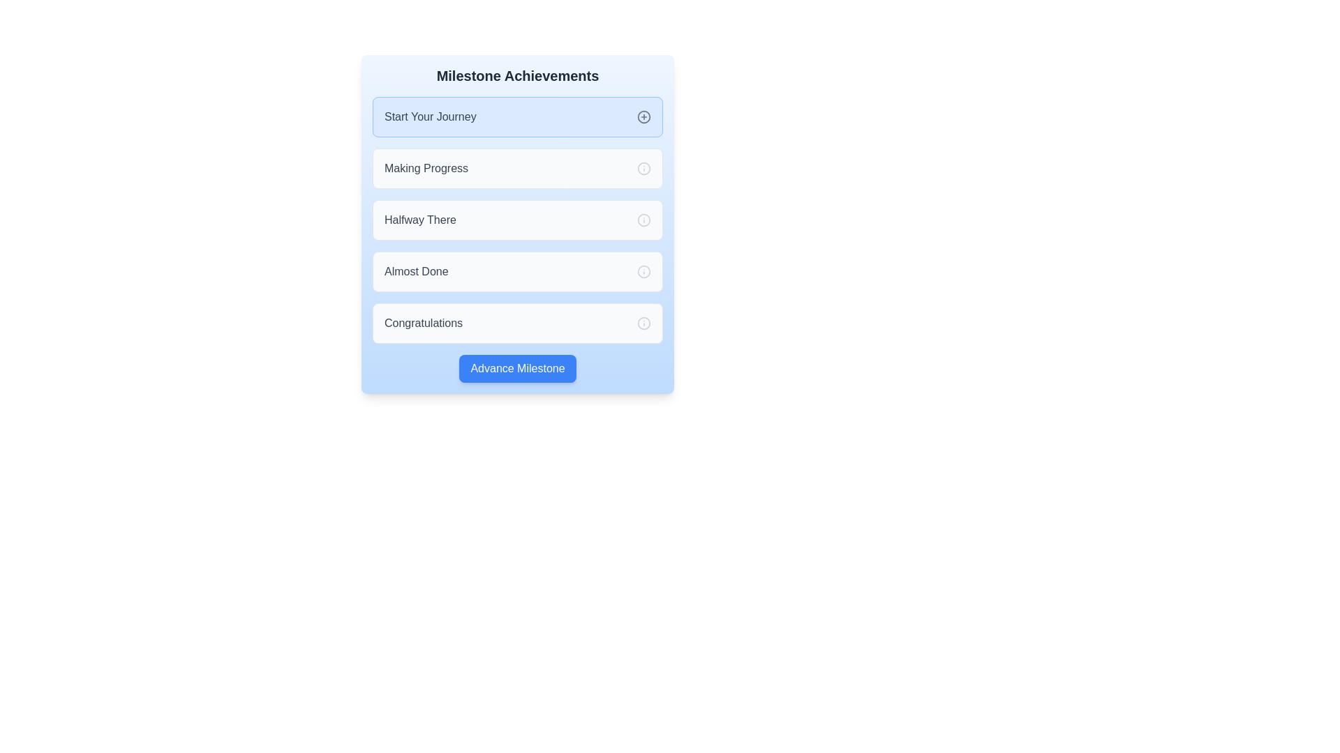 The height and width of the screenshot is (753, 1340). I want to click on the circular information icon with an 'i' in its center, located to the right of the text 'Congratulations' in the Milestone Achievements panel, so click(643, 323).